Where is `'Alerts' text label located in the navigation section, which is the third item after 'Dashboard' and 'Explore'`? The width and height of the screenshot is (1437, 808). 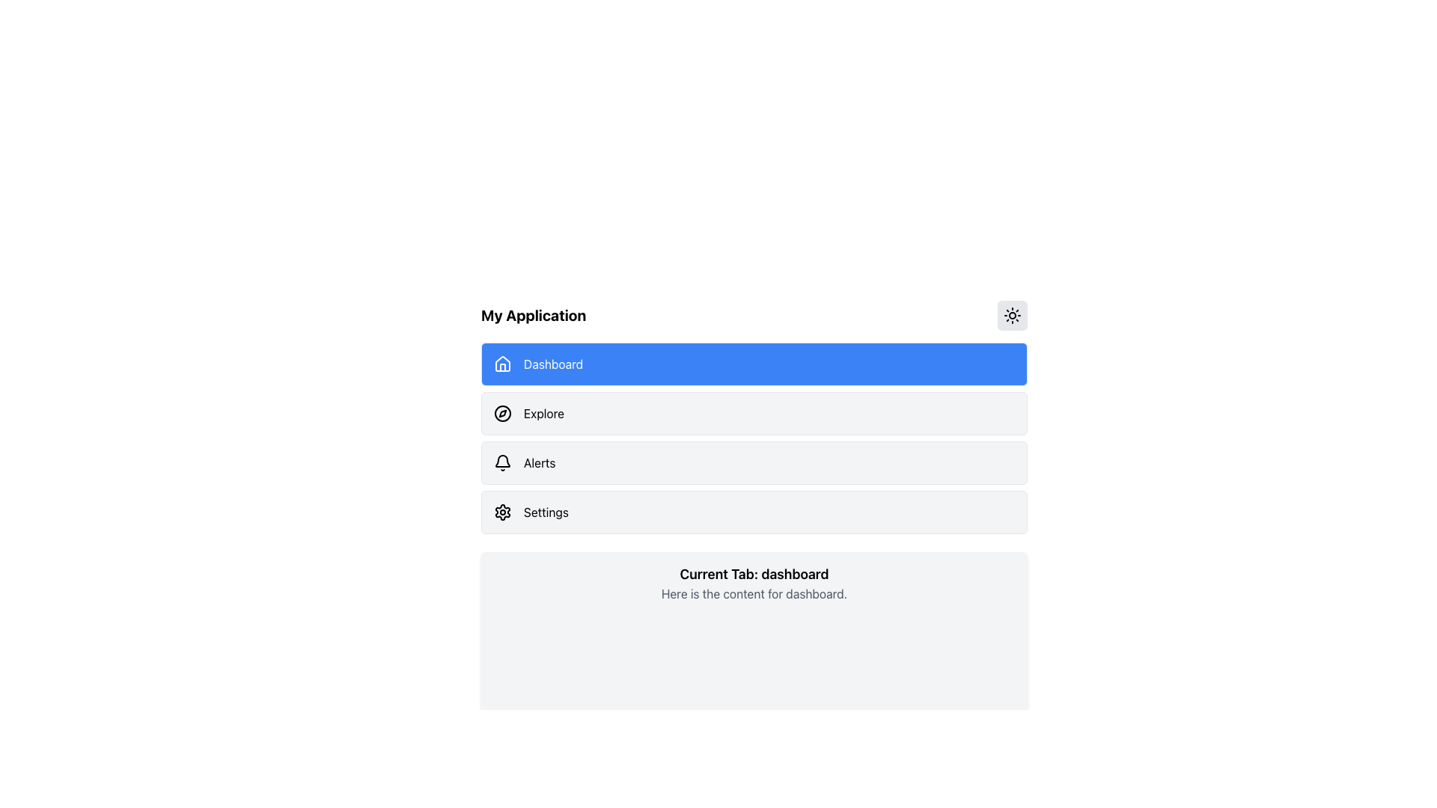
'Alerts' text label located in the navigation section, which is the third item after 'Dashboard' and 'Explore' is located at coordinates (539, 462).